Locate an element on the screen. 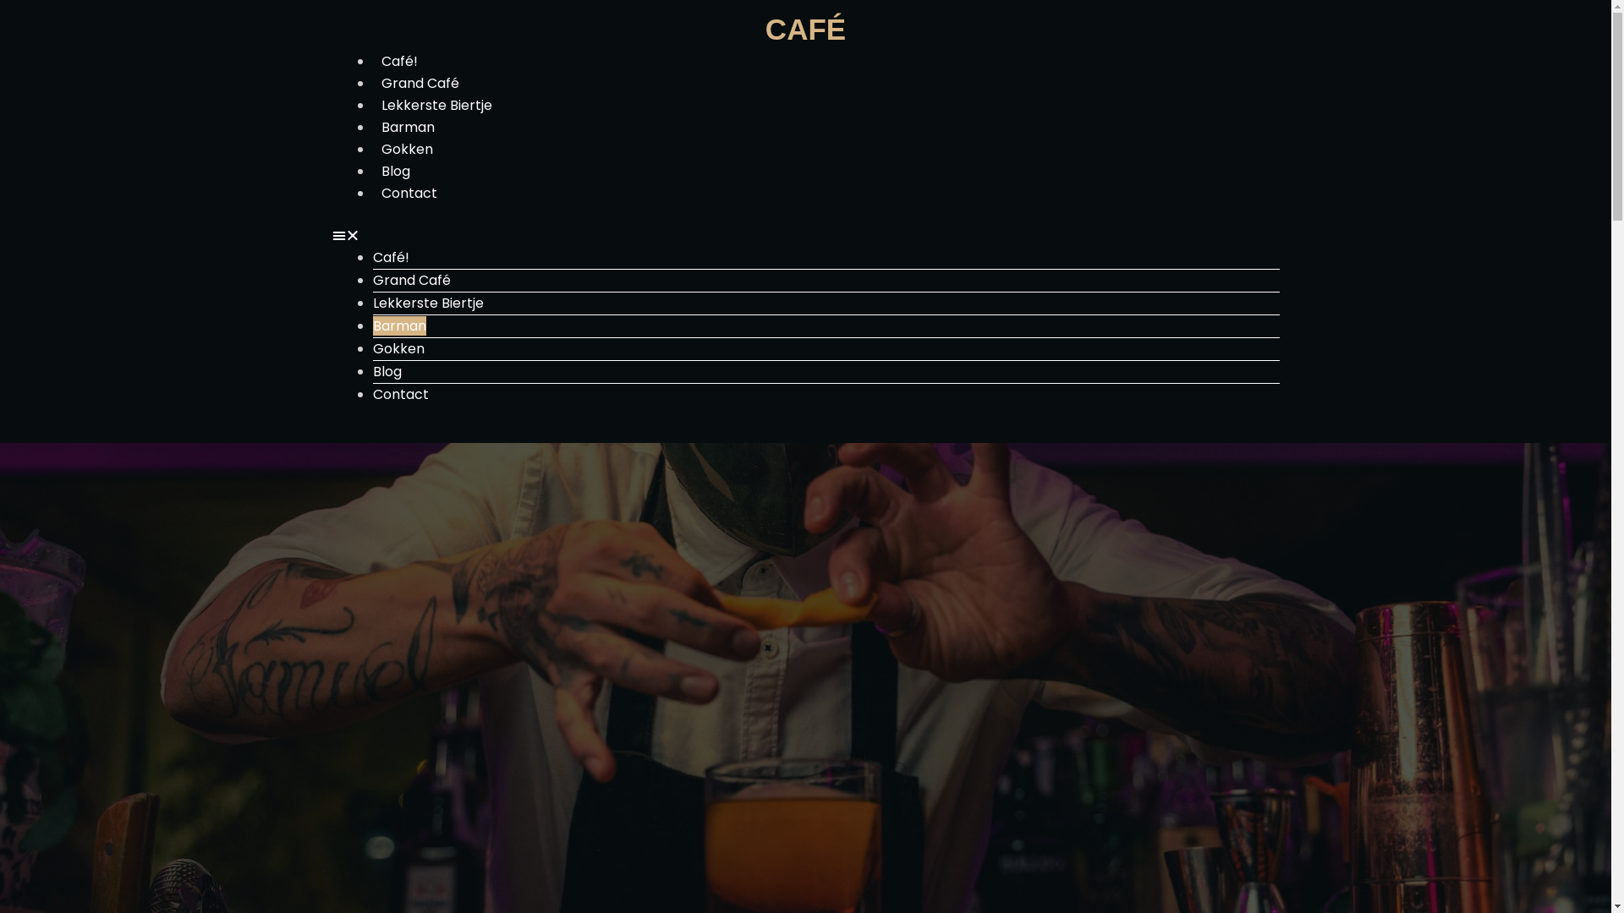 The width and height of the screenshot is (1624, 913). 'Contact' is located at coordinates (409, 192).